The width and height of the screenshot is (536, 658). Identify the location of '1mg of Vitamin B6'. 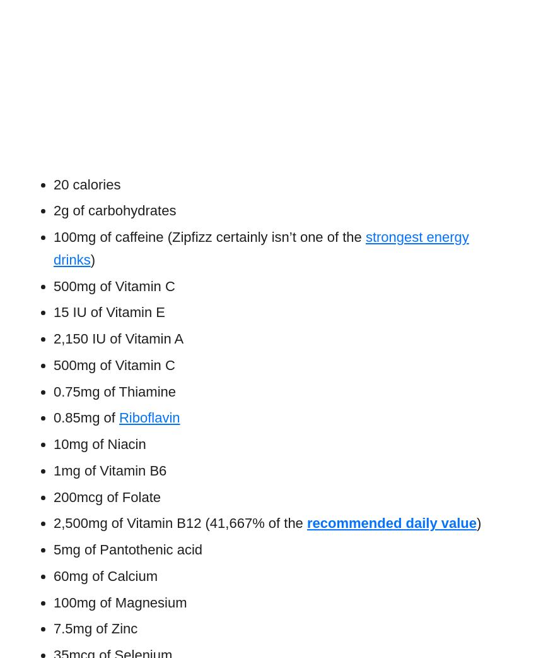
(109, 469).